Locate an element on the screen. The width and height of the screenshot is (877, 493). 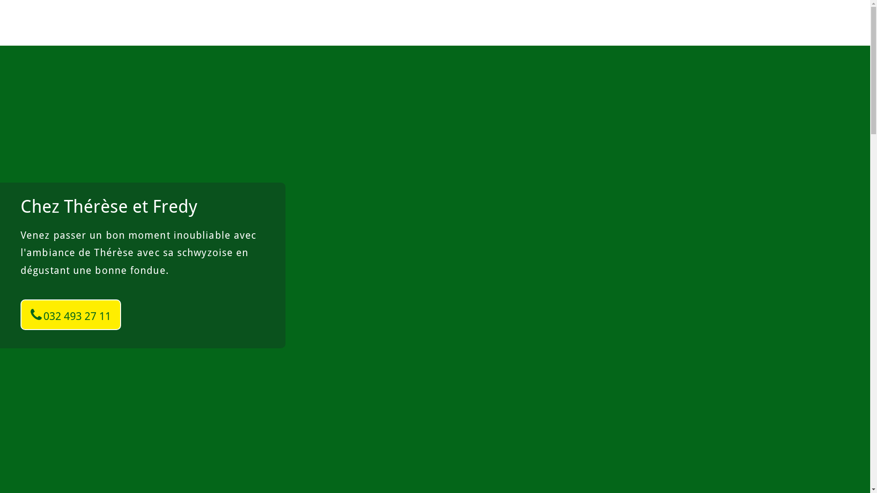
'032 493 27 11' is located at coordinates (20, 314).